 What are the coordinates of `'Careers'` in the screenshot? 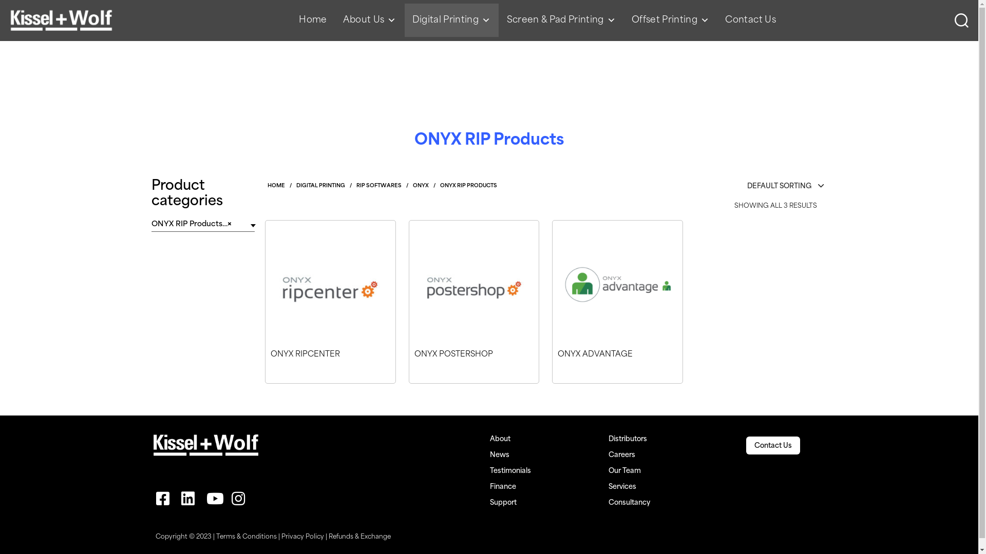 It's located at (609, 454).